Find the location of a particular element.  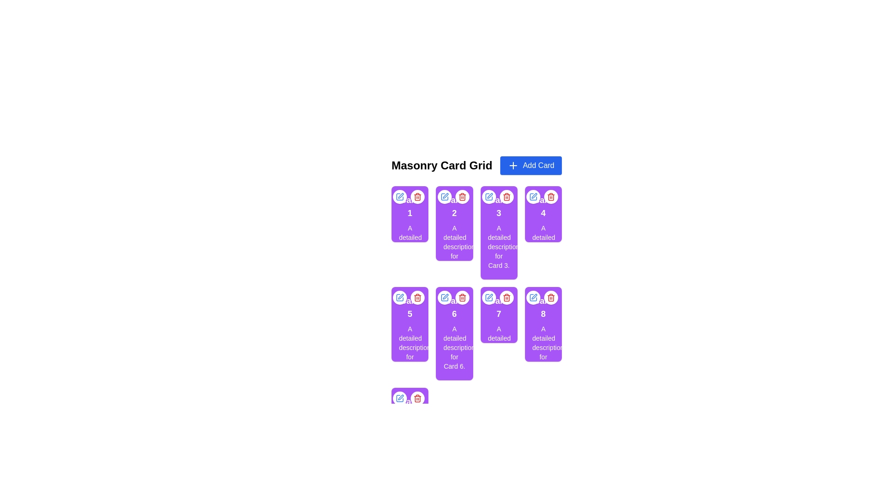

the iconic edit button located in the upper-left corner of the sixth card is located at coordinates (445, 296).